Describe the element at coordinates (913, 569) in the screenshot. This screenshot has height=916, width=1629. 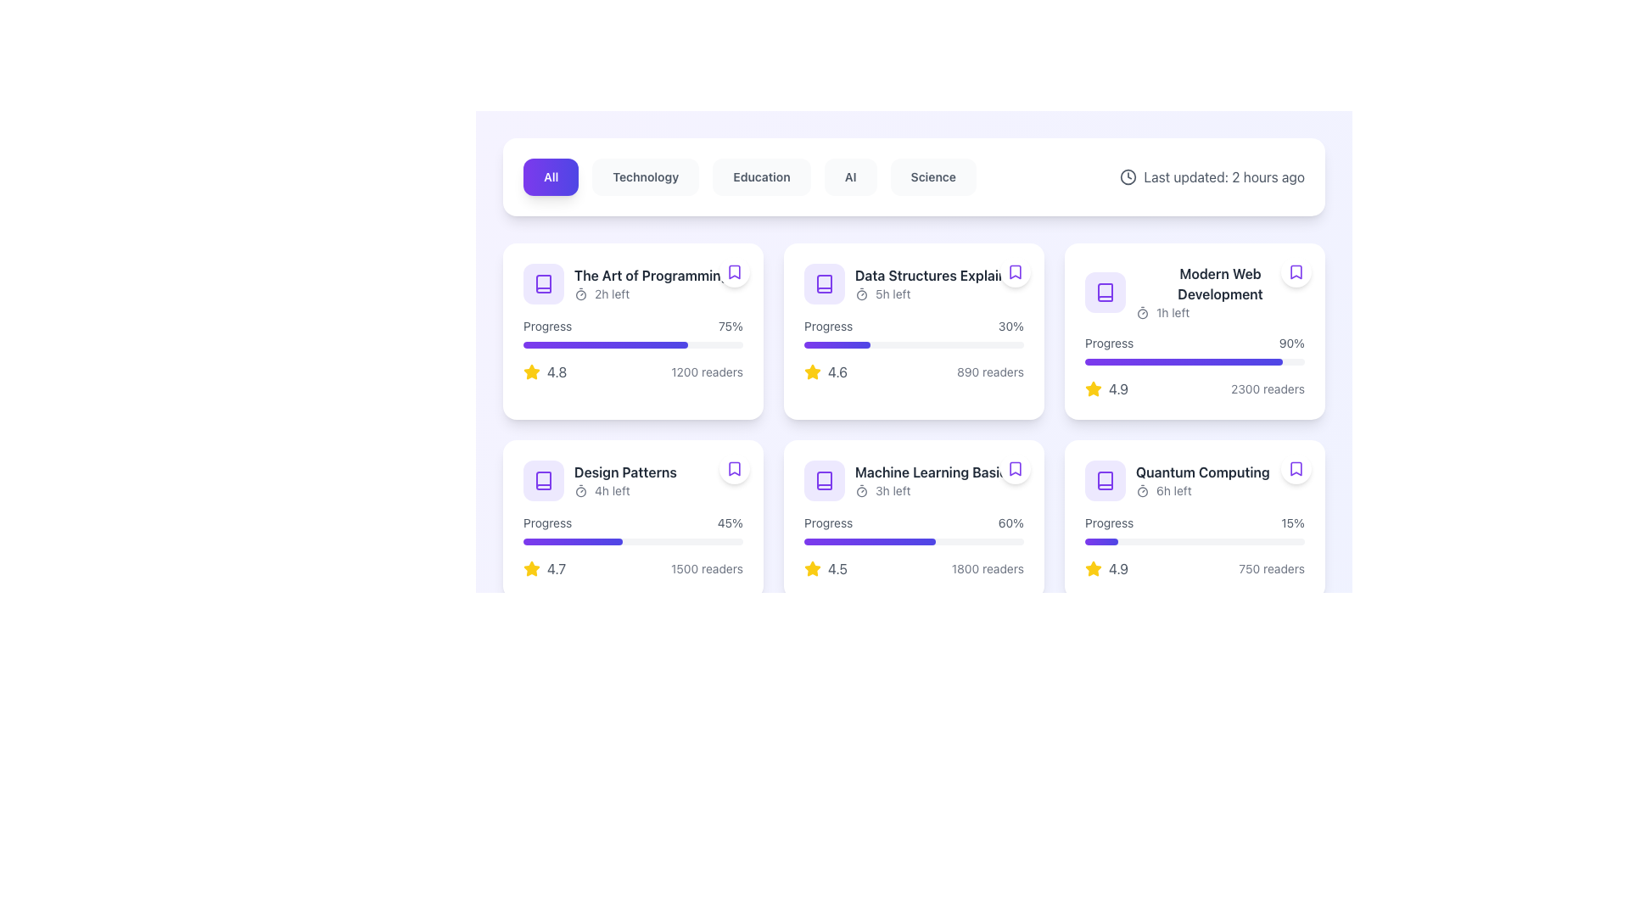
I see `the Rating and reader count display for the course 'Machine Learning Basics', which shows a rating of 4.5 stars and 1800 readers, located at the bottom-right part of the card` at that location.